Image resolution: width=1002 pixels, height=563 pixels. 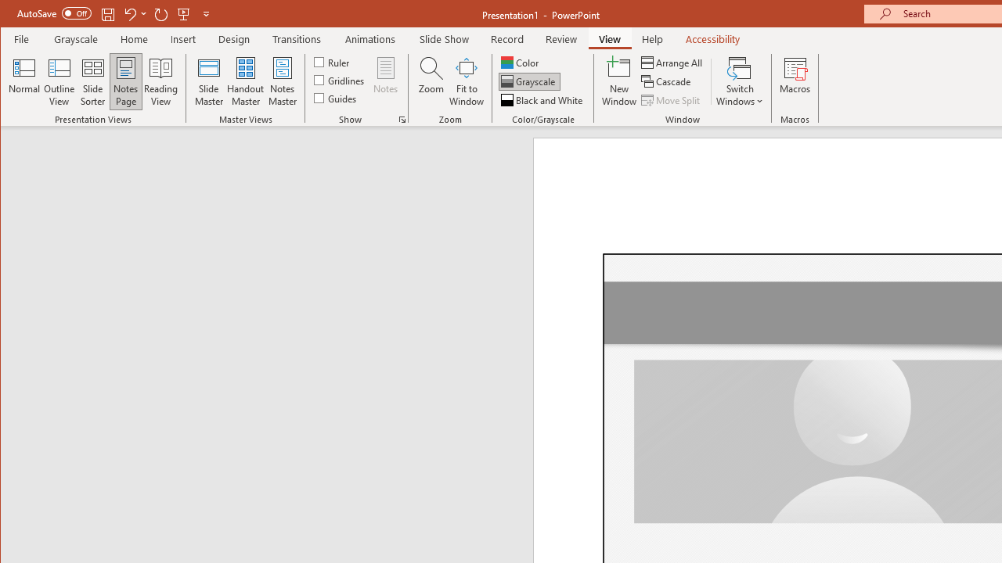 I want to click on 'Zoom...', so click(x=431, y=81).